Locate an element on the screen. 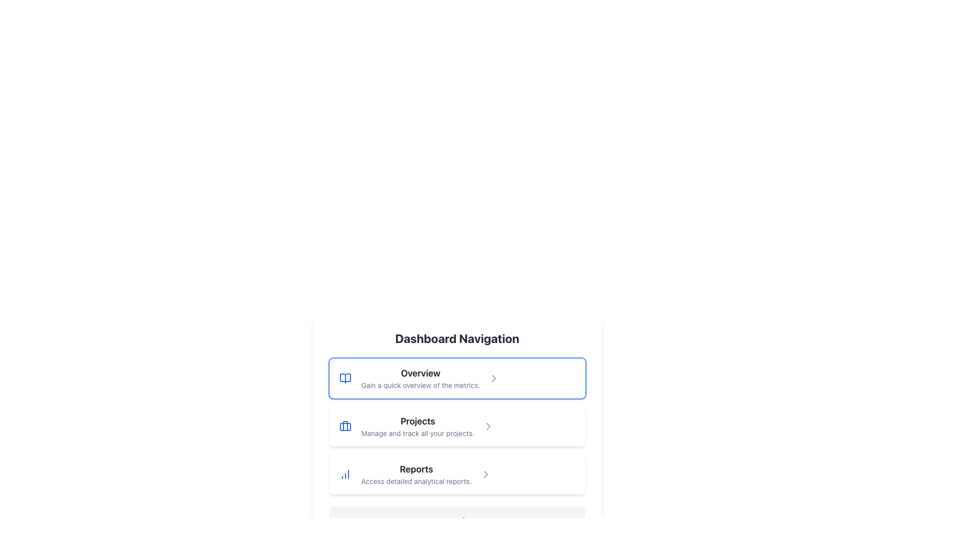 This screenshot has width=960, height=540. the text label displaying 'Projects', which is a bold and larger font styled in dark gray, positioned in the dashboard navigation section as the second item in a vertical list is located at coordinates (417, 421).